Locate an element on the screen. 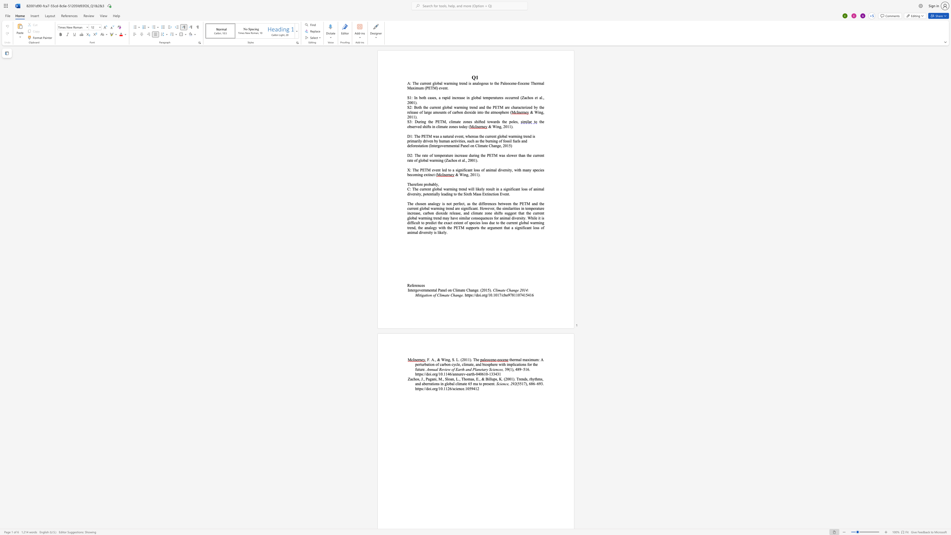 Image resolution: width=951 pixels, height=535 pixels. the 1th character "w" in the text is located at coordinates (444, 189).